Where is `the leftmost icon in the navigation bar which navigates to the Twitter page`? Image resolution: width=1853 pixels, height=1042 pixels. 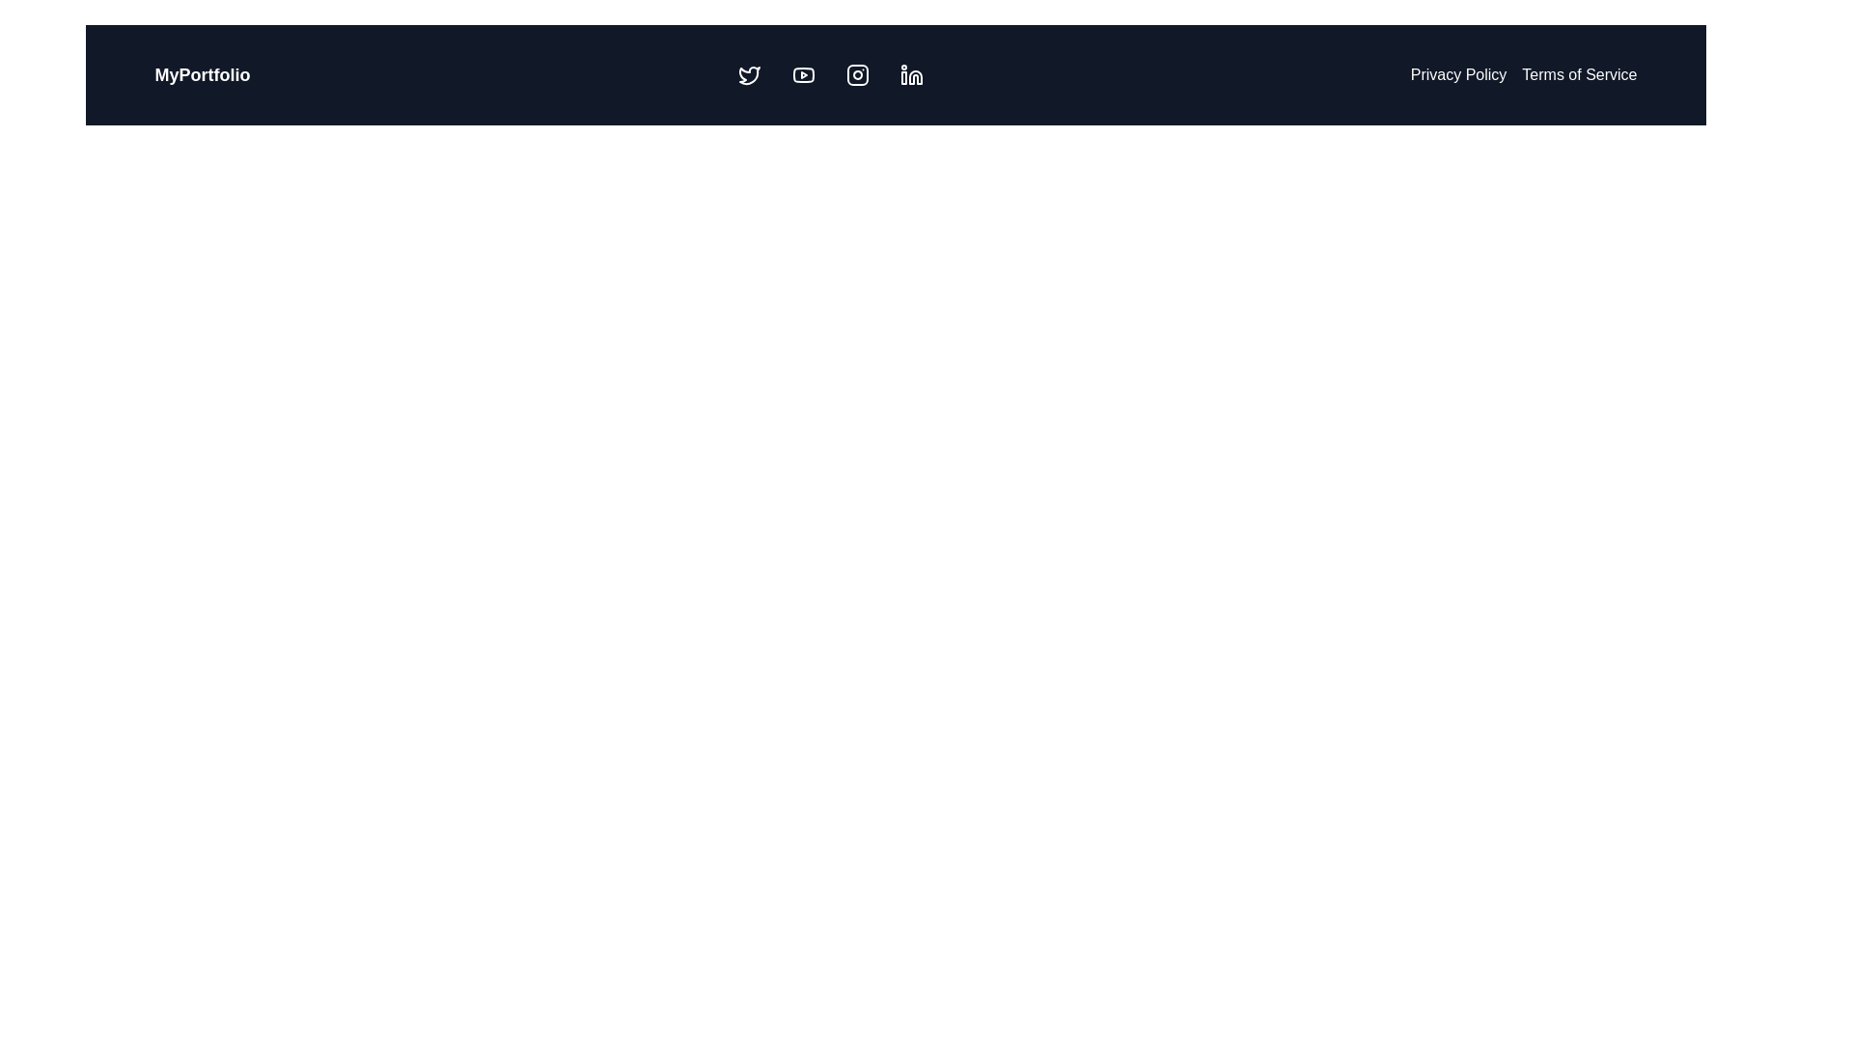 the leftmost icon in the navigation bar which navigates to the Twitter page is located at coordinates (748, 73).